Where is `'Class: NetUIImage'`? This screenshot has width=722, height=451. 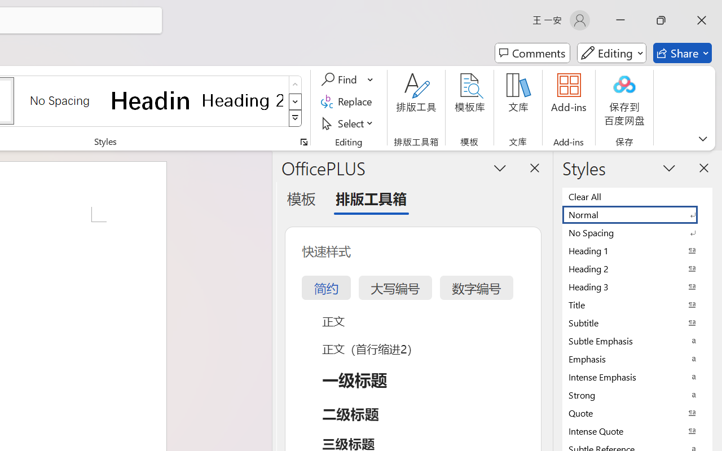 'Class: NetUIImage' is located at coordinates (296, 118).